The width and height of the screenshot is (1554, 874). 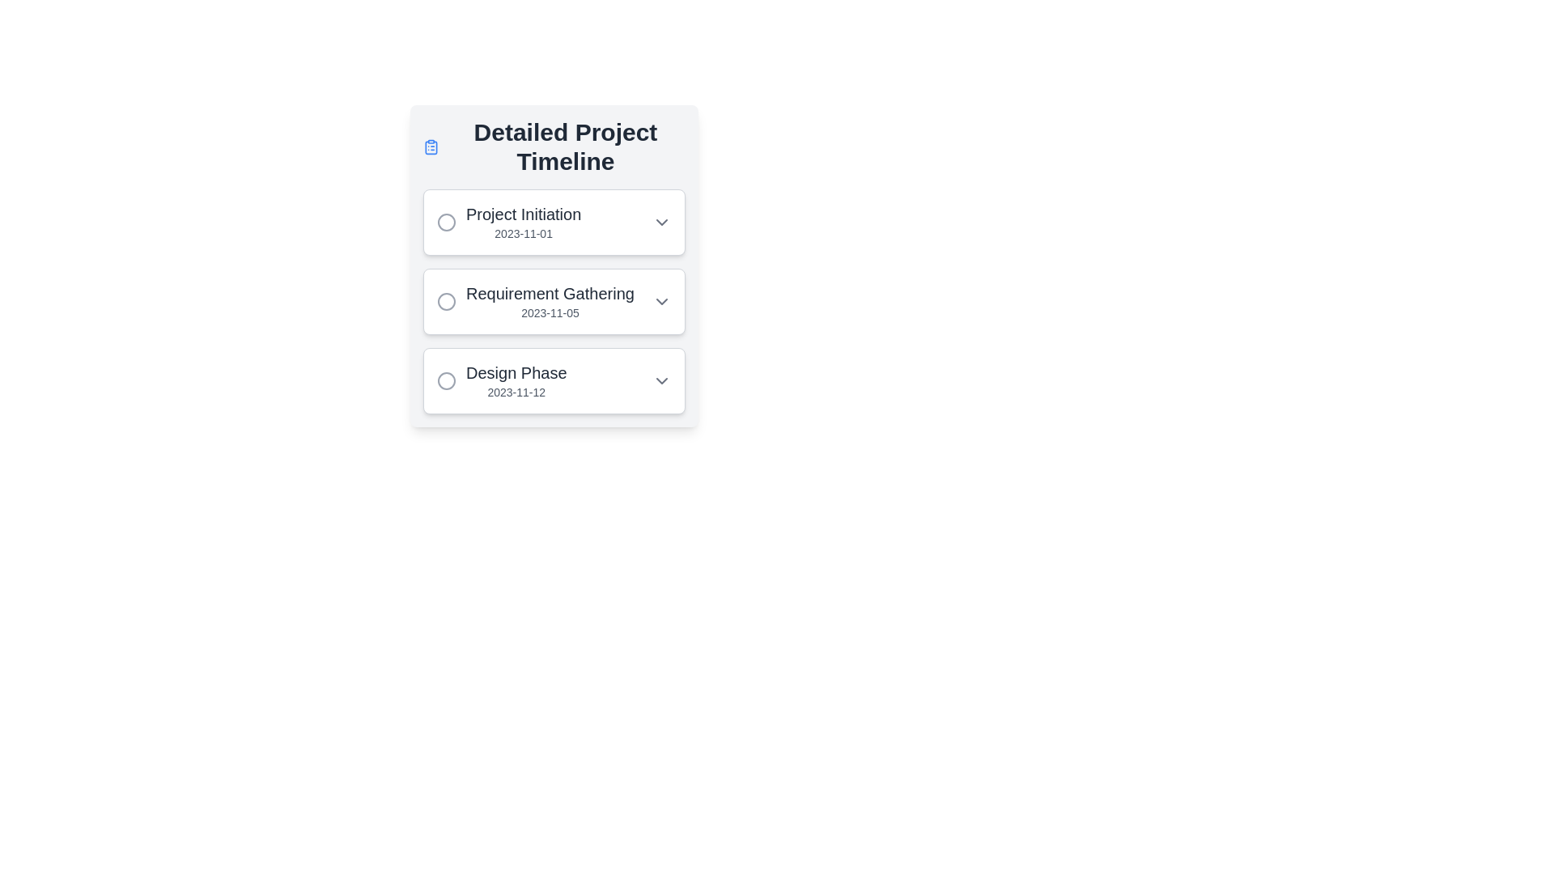 I want to click on displayed date from the Text Label located under the 'Project Initiation' label in the 'Detailed Project Timeline' interface, so click(x=524, y=234).